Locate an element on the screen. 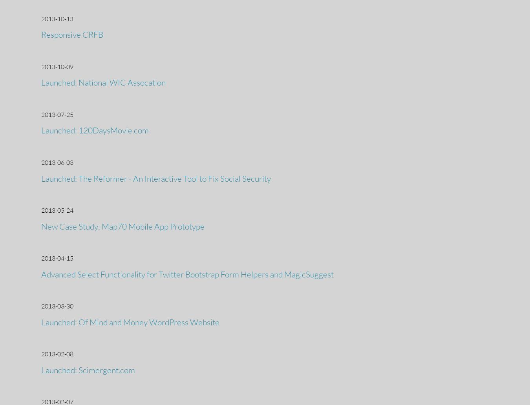 Image resolution: width=530 pixels, height=405 pixels. 'New Case Study: Map70 Mobile App Prototype' is located at coordinates (122, 226).